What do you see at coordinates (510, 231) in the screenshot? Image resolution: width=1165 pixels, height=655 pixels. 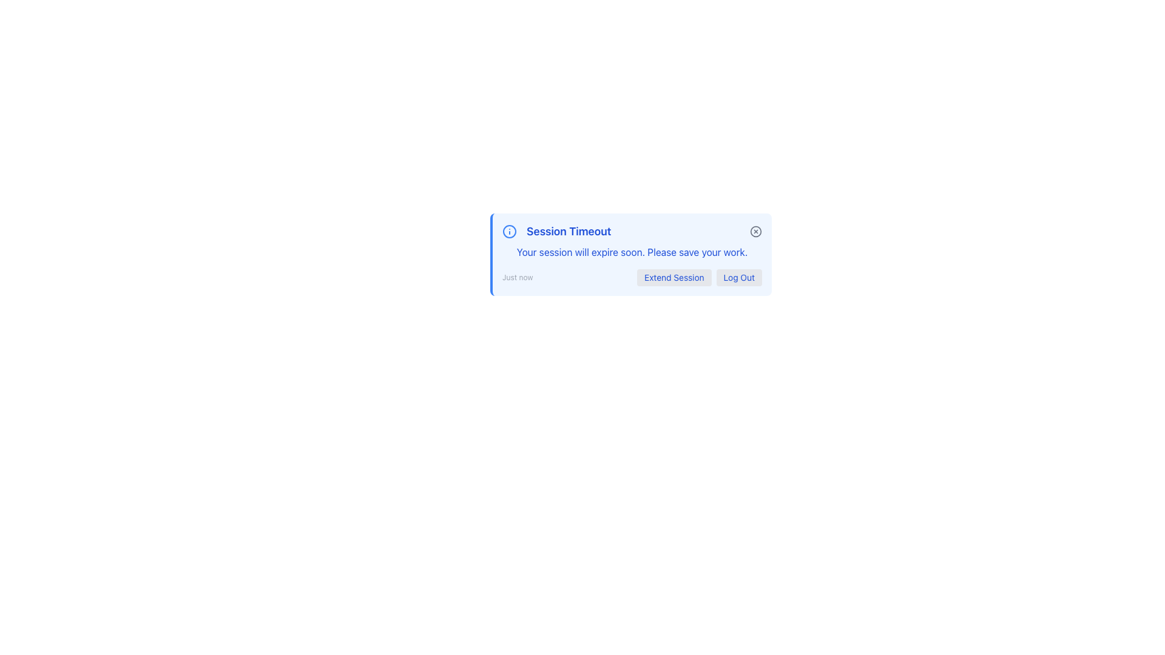 I see `the circular icon with a blue outline and central dot that precedes the 'Session Timeout' notification message` at bounding box center [510, 231].